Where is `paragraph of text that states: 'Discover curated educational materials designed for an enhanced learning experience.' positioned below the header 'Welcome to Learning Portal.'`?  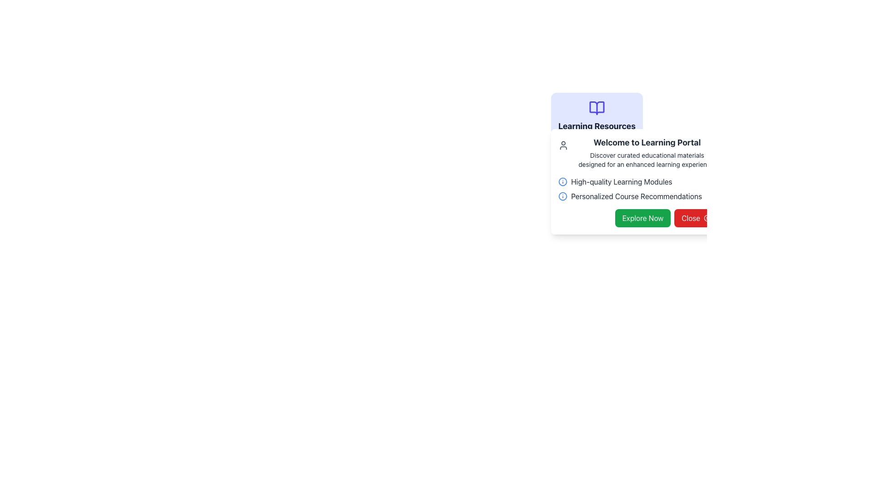 paragraph of text that states: 'Discover curated educational materials designed for an enhanced learning experience.' positioned below the header 'Welcome to Learning Portal.' is located at coordinates (647, 159).